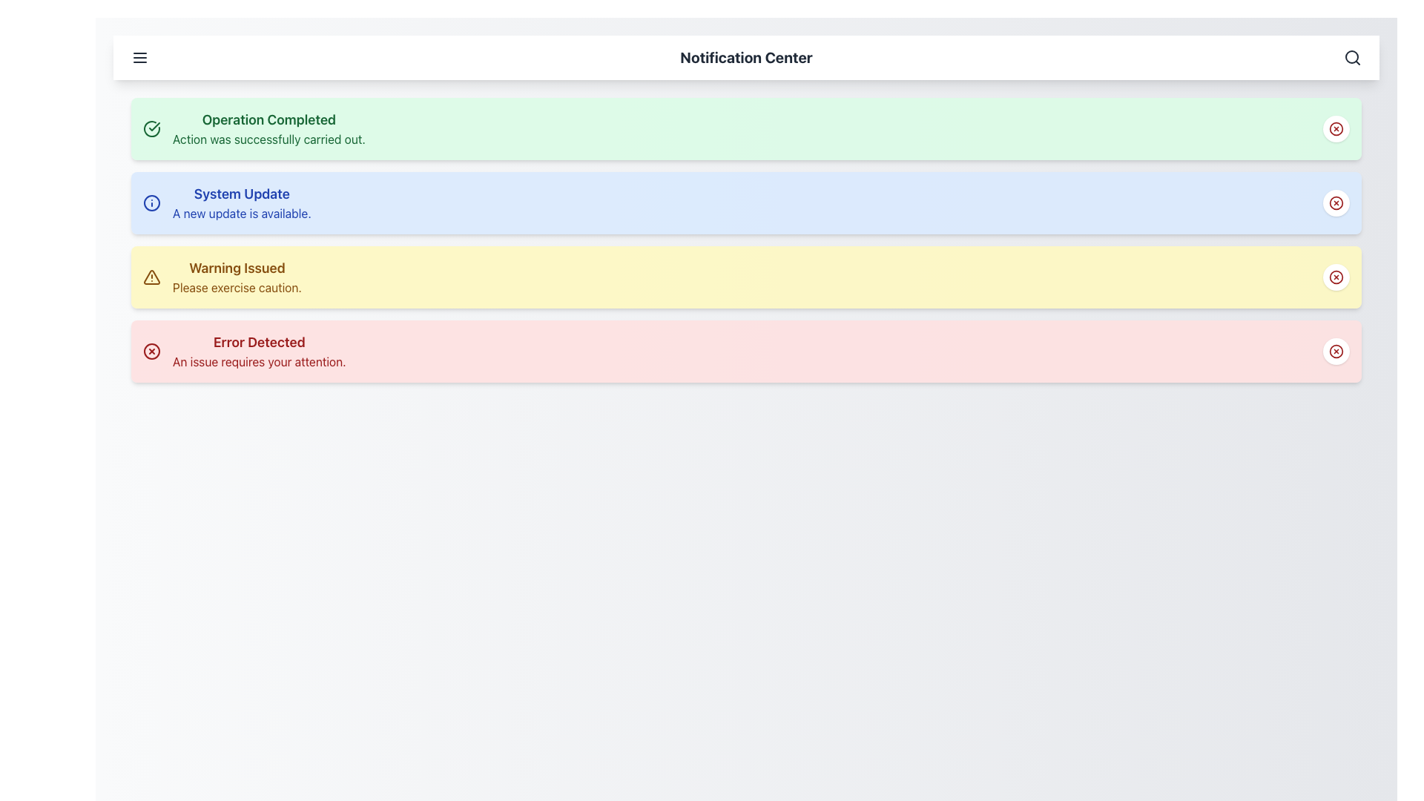 This screenshot has width=1424, height=801. I want to click on the alert icon located in the third notification item marked by a yellow background and the text 'Warning Issued', so click(152, 277).